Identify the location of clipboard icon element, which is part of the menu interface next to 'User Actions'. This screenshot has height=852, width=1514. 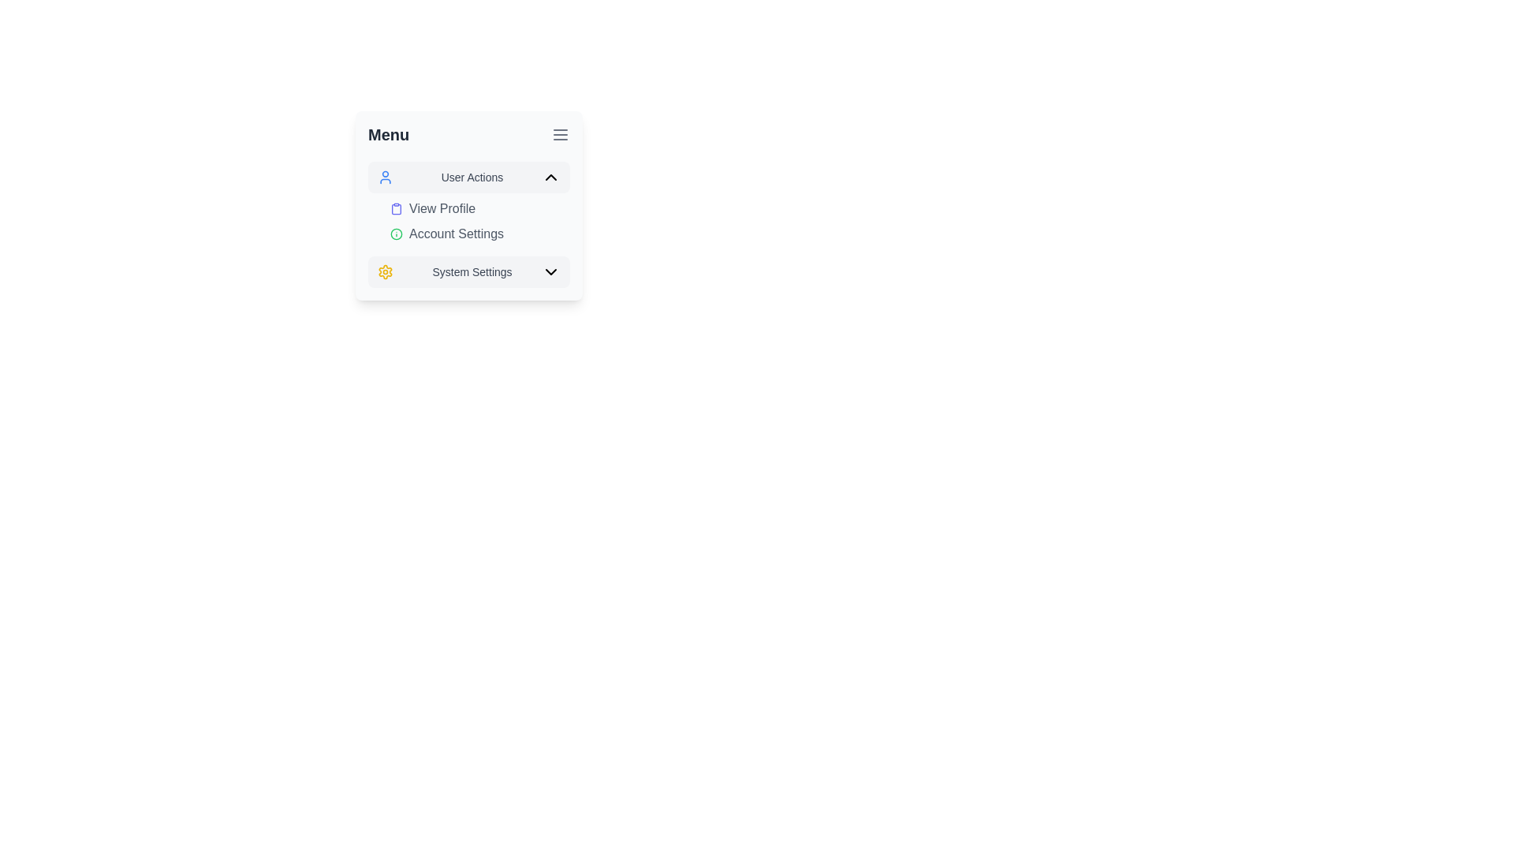
(397, 208).